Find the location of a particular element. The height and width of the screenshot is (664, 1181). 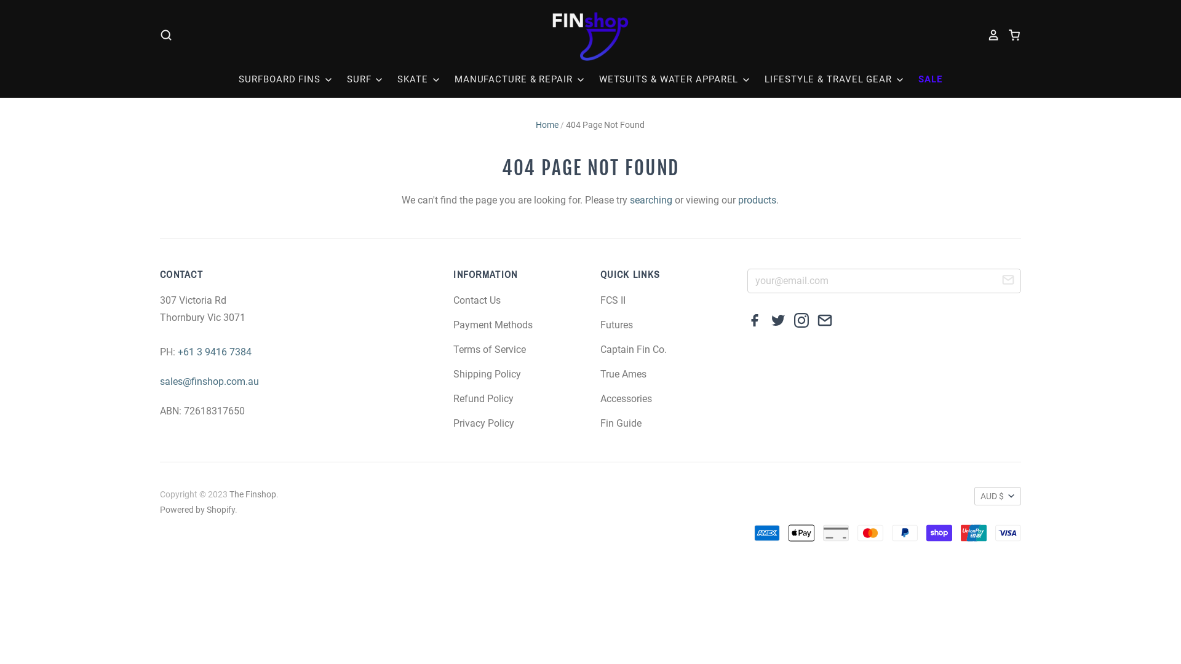

'Payment Methods' is located at coordinates (493, 324).